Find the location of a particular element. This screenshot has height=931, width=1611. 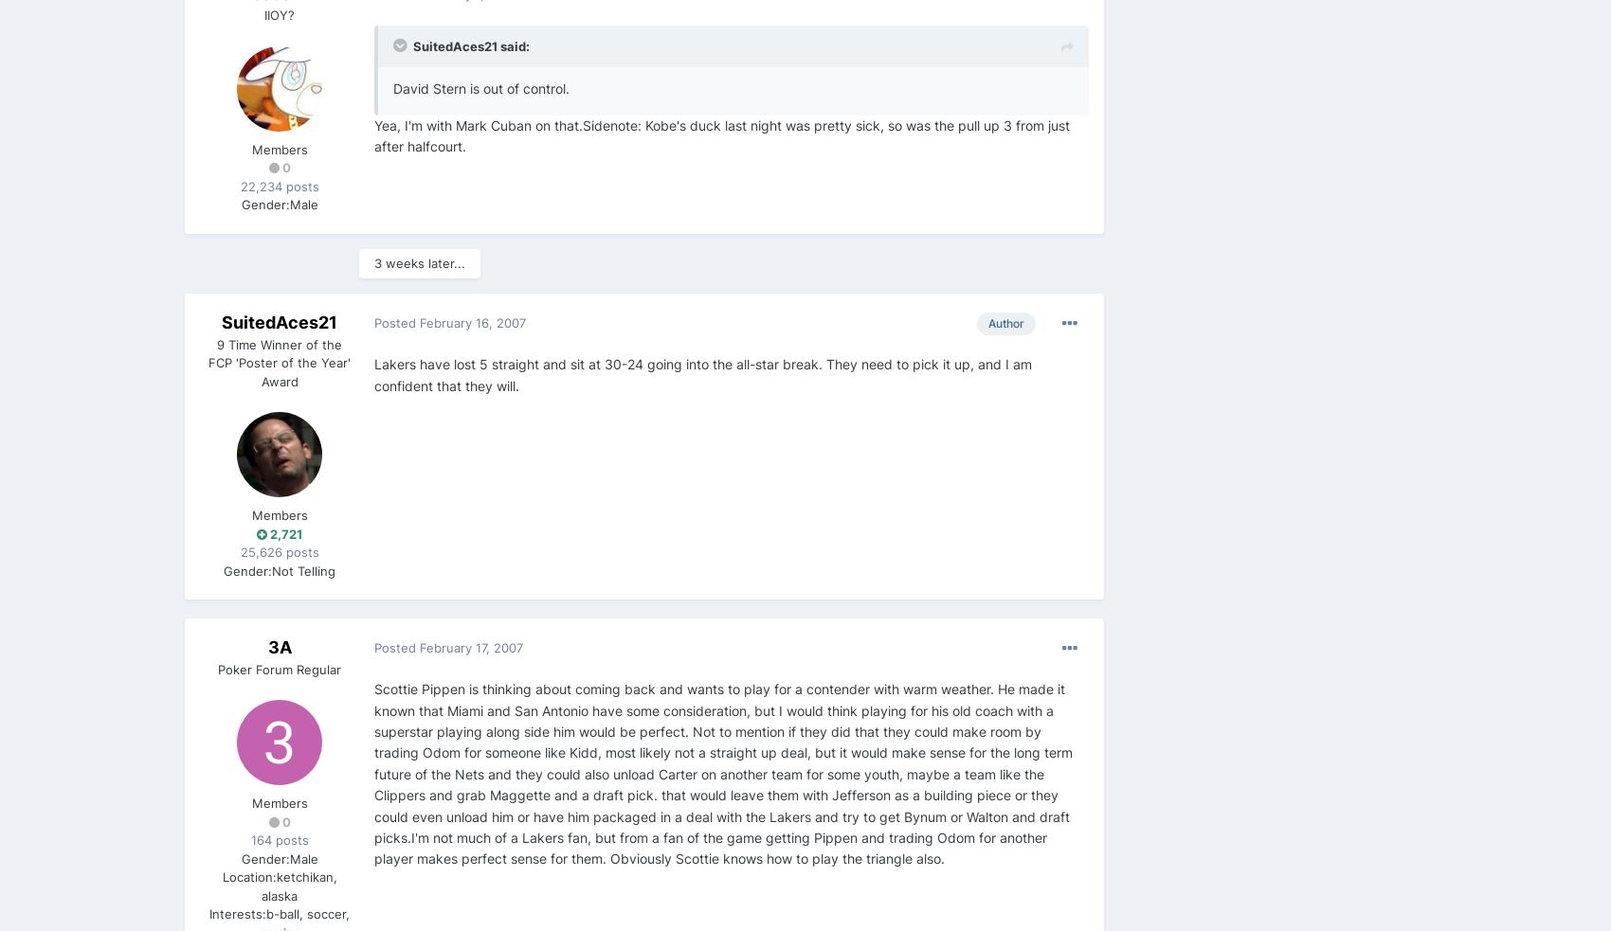

'164 posts' is located at coordinates (250, 839).